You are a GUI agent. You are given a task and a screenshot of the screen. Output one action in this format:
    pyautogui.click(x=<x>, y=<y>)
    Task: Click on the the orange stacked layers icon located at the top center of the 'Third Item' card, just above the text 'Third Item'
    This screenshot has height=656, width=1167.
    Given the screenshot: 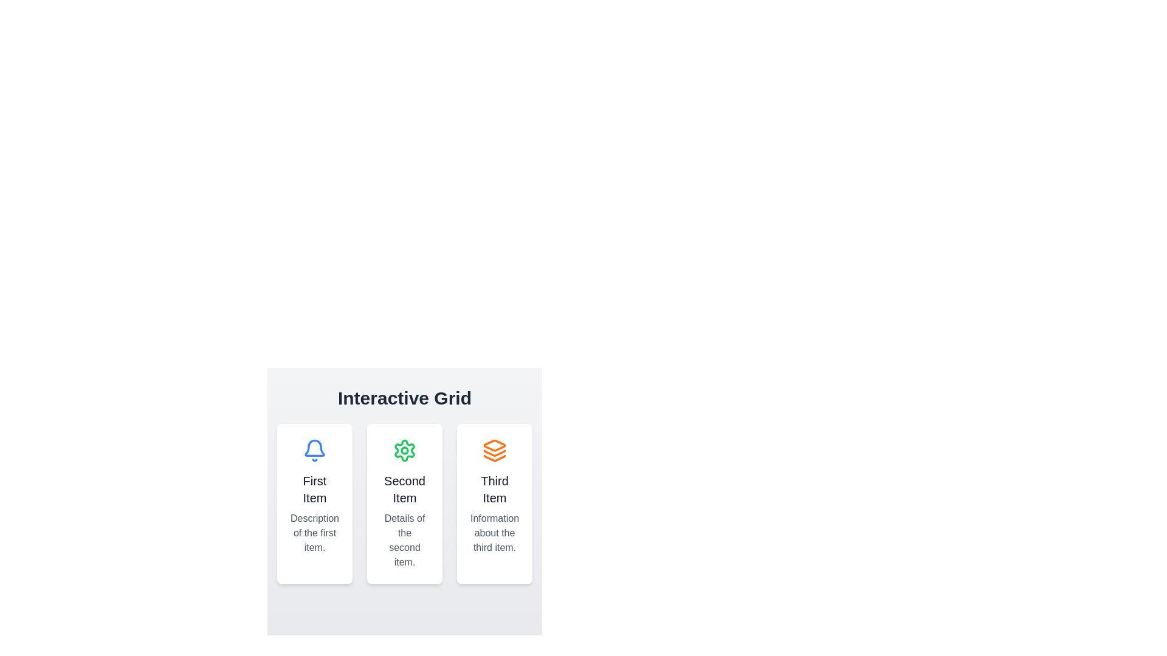 What is the action you would take?
    pyautogui.click(x=495, y=450)
    